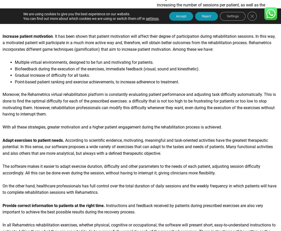  Describe the element at coordinates (73, 14) in the screenshot. I see `'We are using cookies to give you the best experience on our website.'` at that location.